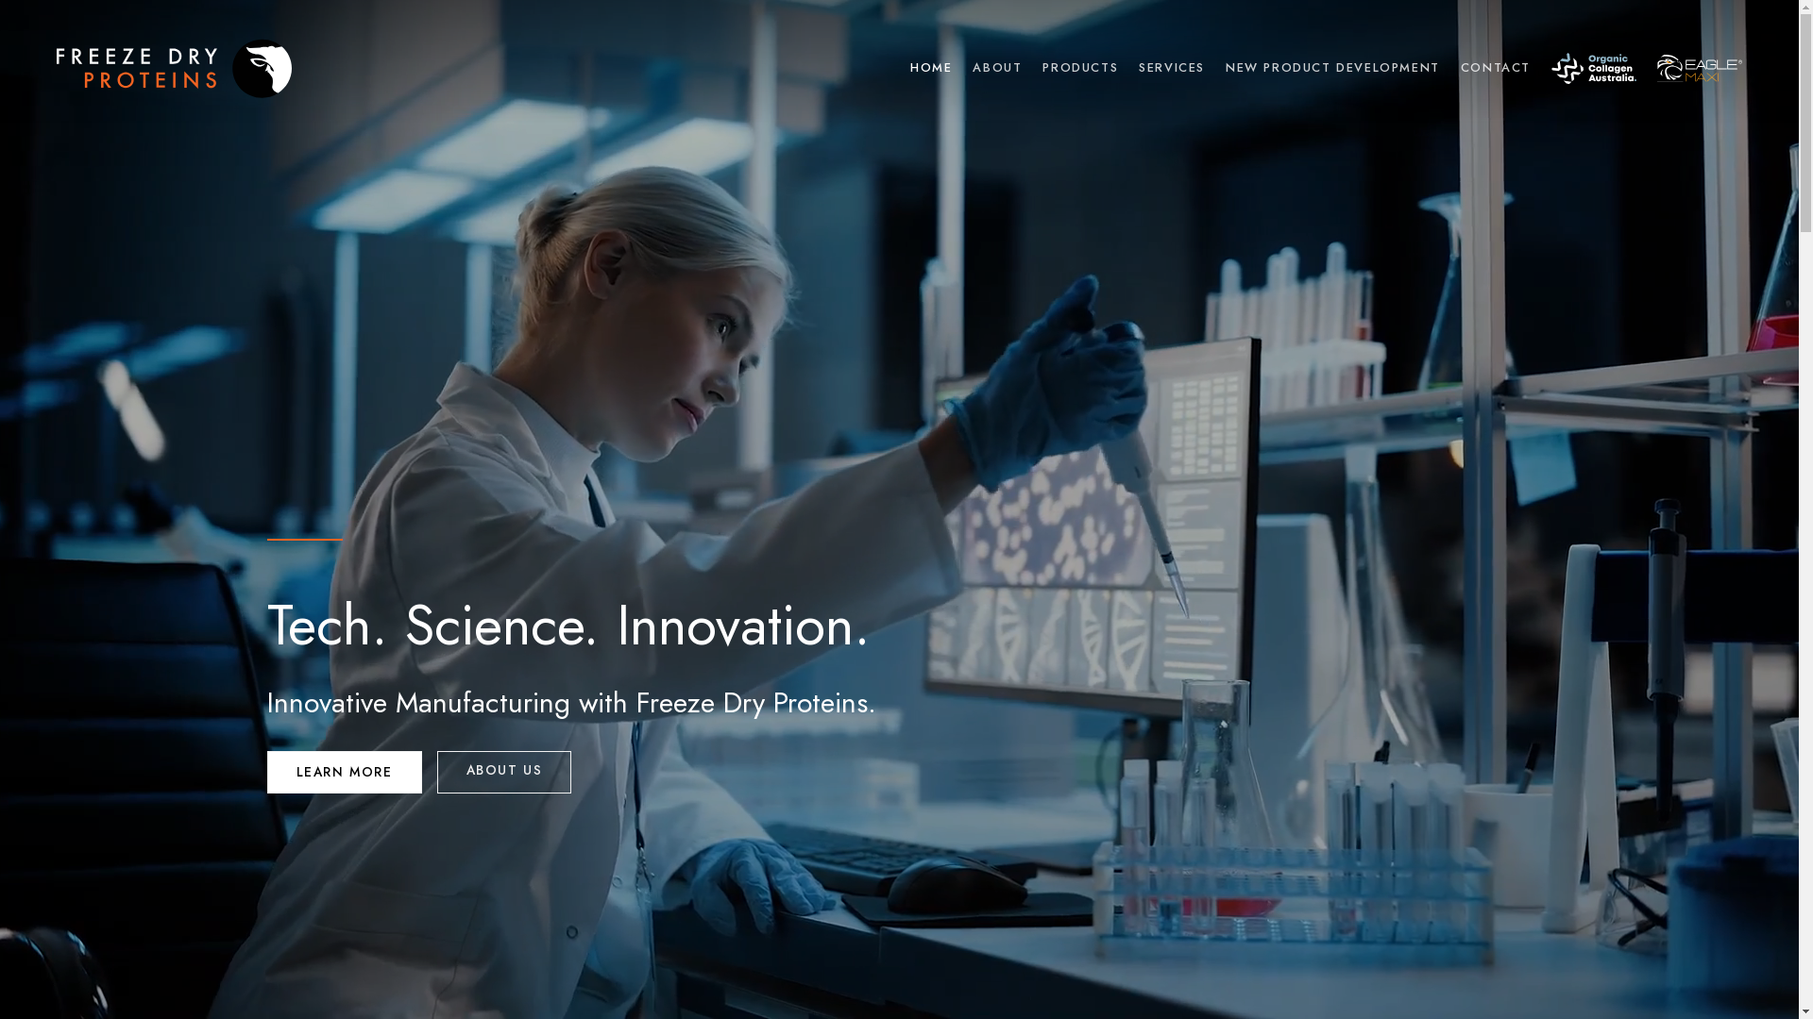 The image size is (1813, 1019). Describe the element at coordinates (503, 772) in the screenshot. I see `'ABOUT US'` at that location.